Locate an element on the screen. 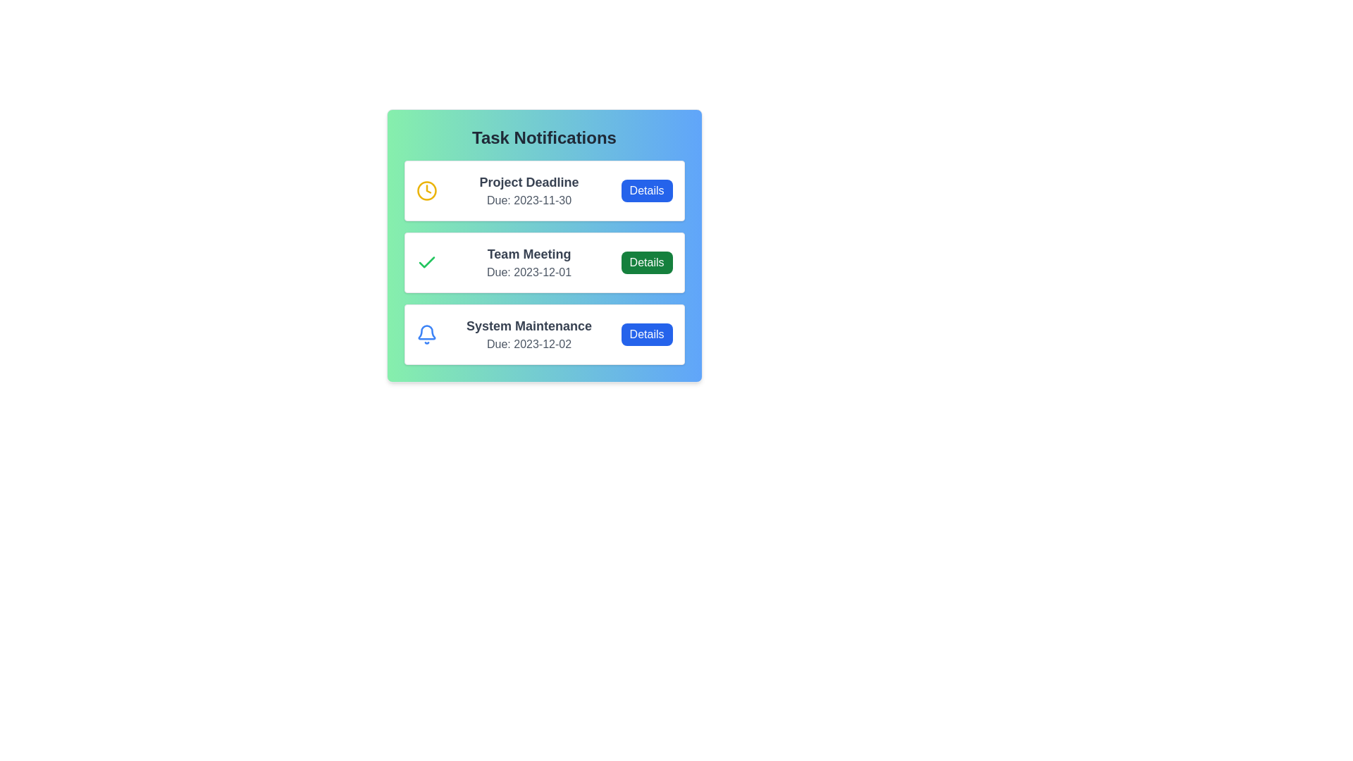 This screenshot has height=761, width=1353. the status indicator icon for the task 'Project Deadline' is located at coordinates (426, 190).